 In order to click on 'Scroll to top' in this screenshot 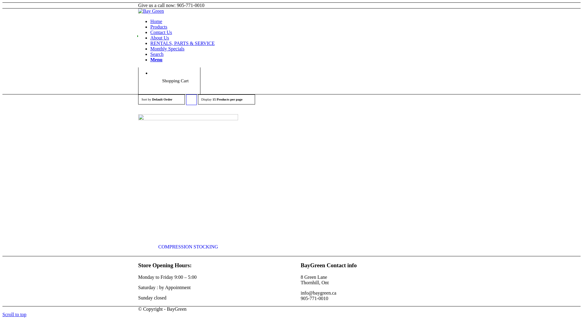, I will do `click(14, 314)`.